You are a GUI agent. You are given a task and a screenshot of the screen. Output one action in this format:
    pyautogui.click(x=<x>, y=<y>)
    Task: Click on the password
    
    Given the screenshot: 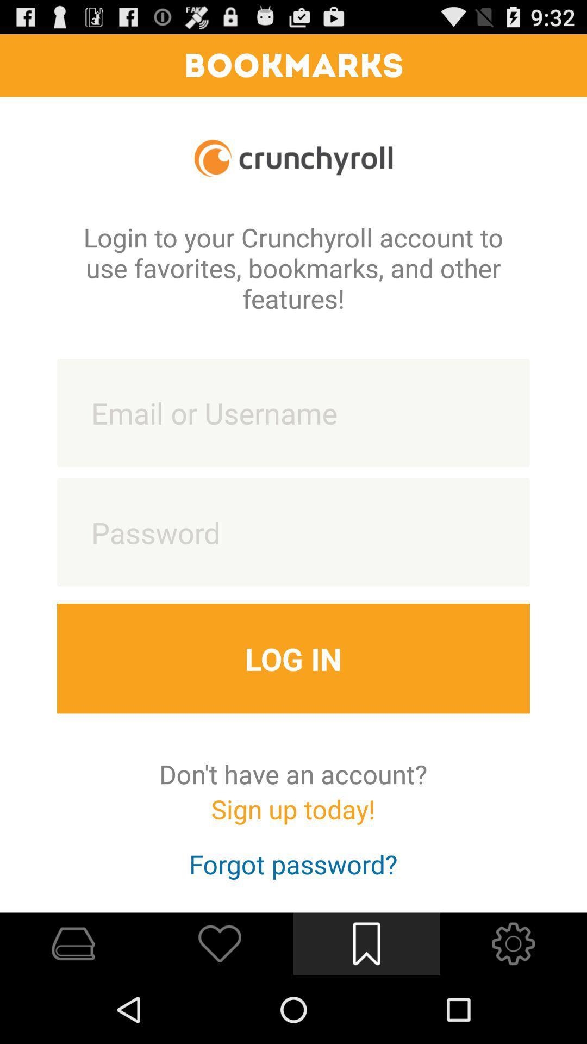 What is the action you would take?
    pyautogui.click(x=293, y=532)
    